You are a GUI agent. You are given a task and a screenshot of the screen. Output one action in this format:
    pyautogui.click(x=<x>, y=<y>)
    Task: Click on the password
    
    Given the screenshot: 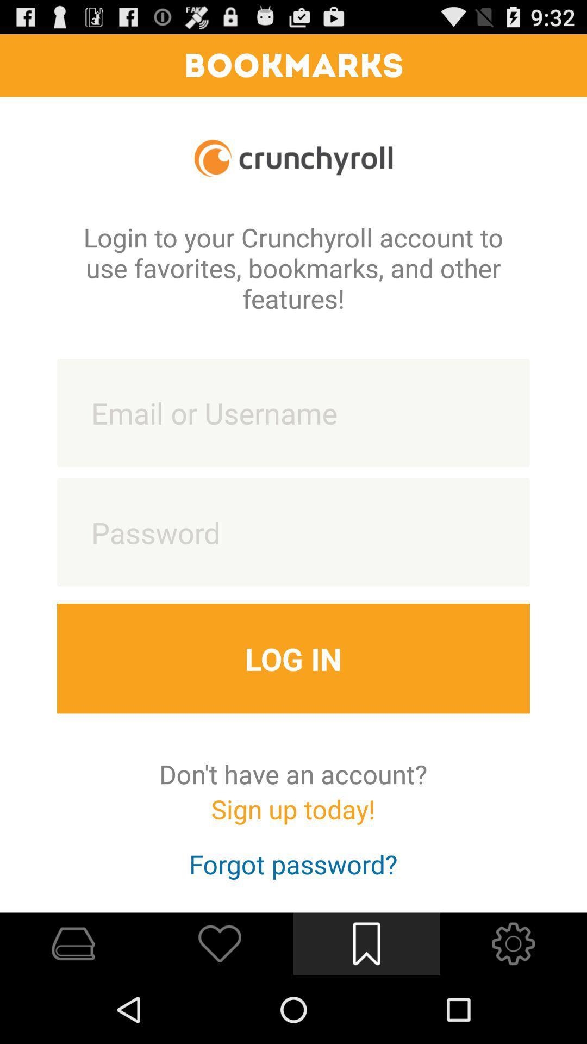 What is the action you would take?
    pyautogui.click(x=293, y=532)
    